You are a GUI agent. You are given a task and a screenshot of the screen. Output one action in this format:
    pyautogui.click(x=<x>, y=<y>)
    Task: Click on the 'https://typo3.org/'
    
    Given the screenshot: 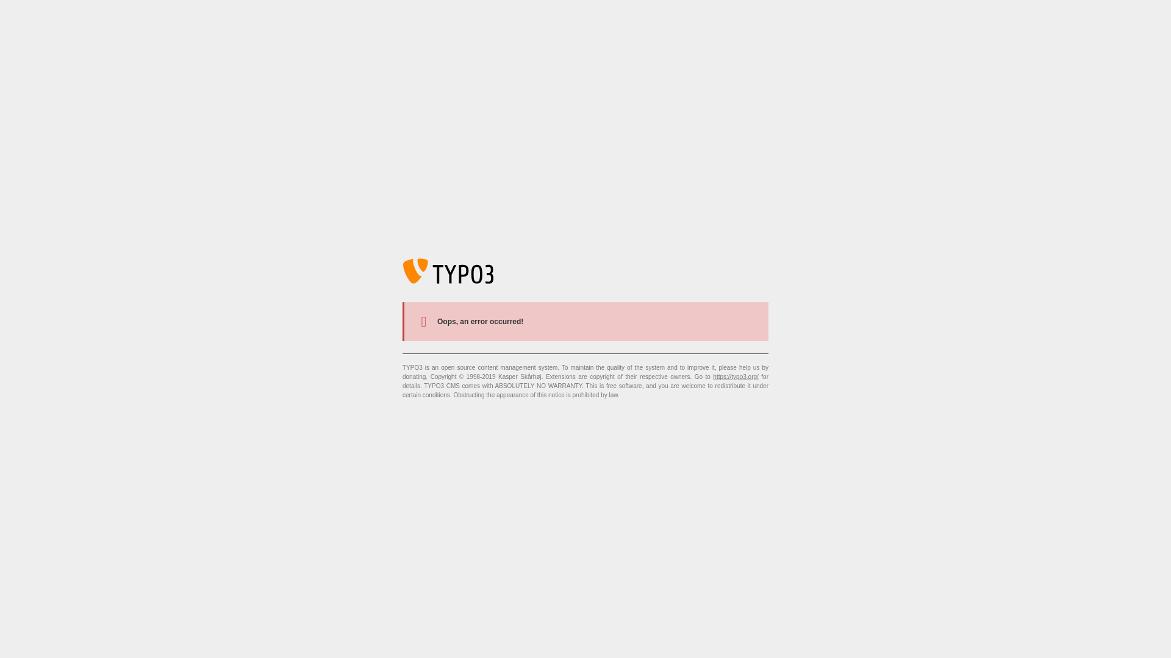 What is the action you would take?
    pyautogui.click(x=735, y=376)
    